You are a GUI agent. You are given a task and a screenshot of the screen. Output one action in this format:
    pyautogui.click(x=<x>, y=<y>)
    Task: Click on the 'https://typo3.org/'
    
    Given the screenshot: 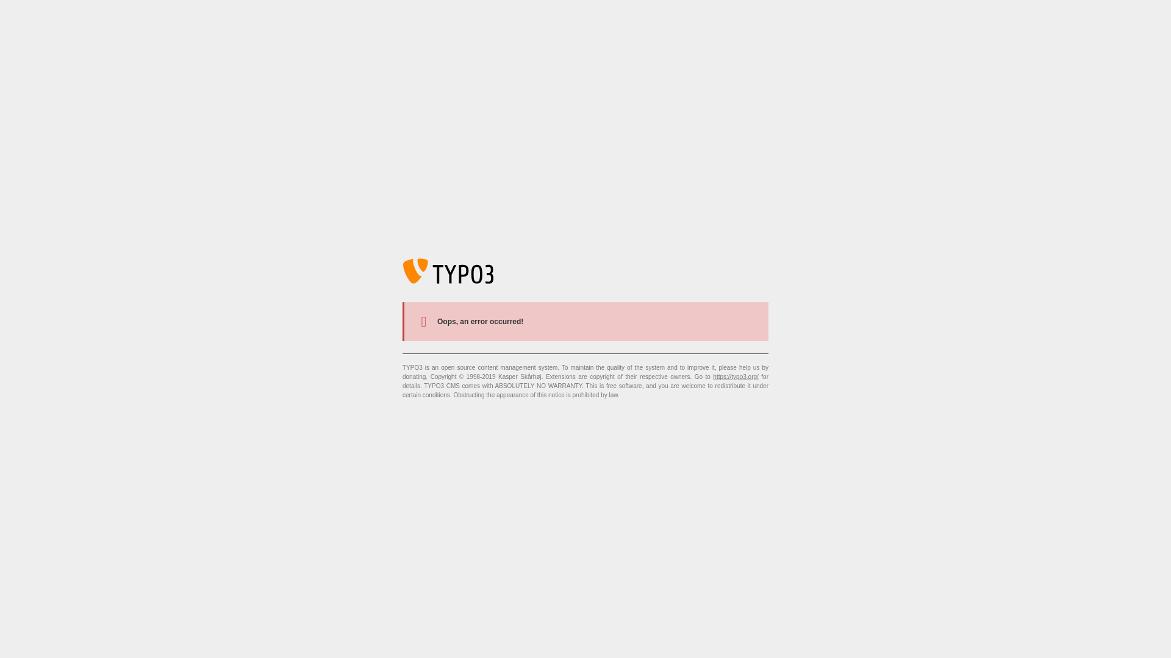 What is the action you would take?
    pyautogui.click(x=735, y=376)
    